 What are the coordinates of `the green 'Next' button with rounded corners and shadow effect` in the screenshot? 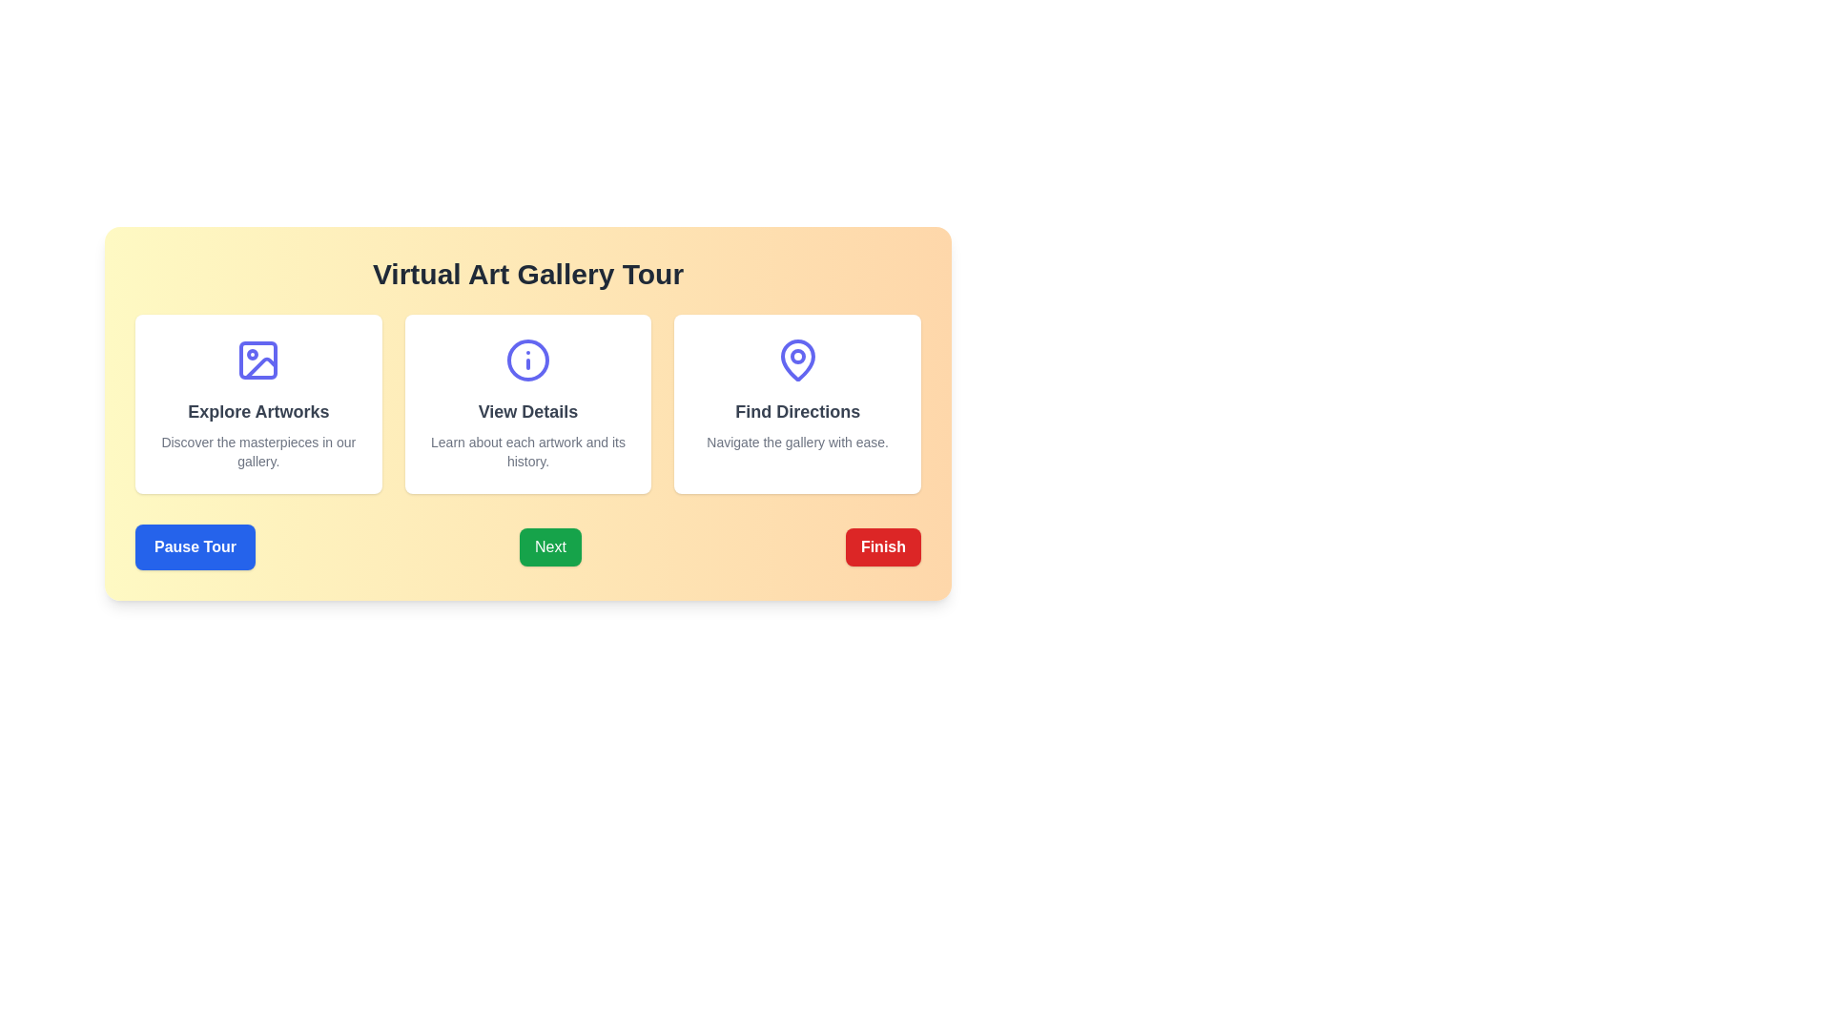 It's located at (549, 547).